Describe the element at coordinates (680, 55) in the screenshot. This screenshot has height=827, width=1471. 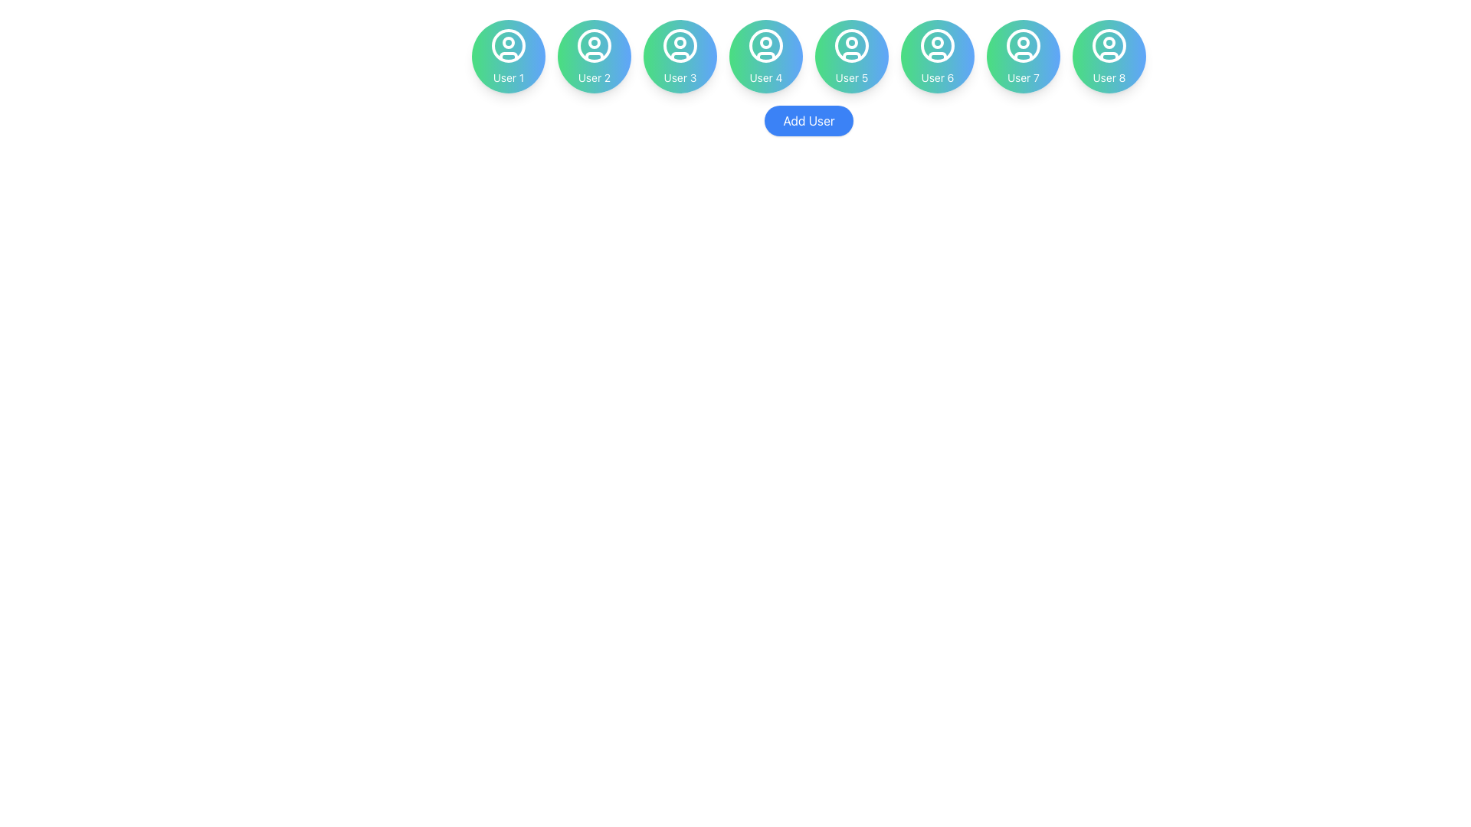
I see `the button representing 'User 3'` at that location.